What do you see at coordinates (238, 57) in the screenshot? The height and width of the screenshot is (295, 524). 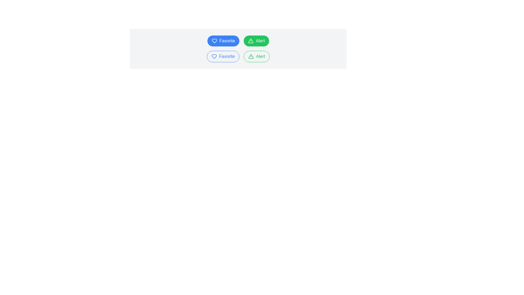 I see `the button group located in the lower row` at bounding box center [238, 57].